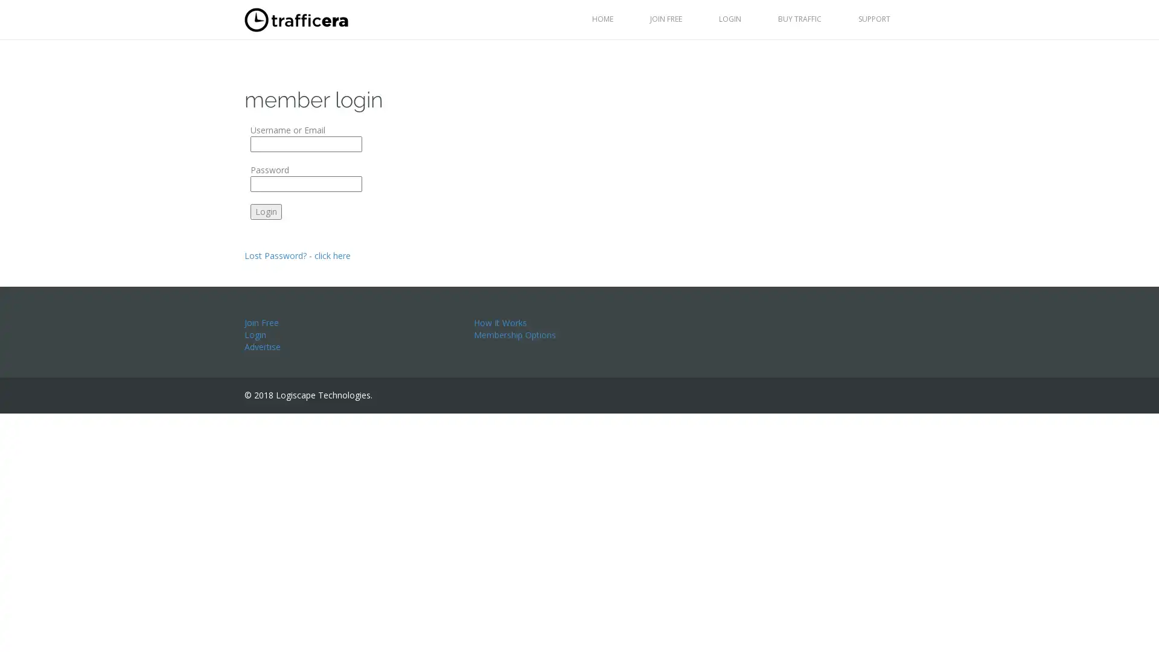 The width and height of the screenshot is (1159, 652). I want to click on Login, so click(266, 211).